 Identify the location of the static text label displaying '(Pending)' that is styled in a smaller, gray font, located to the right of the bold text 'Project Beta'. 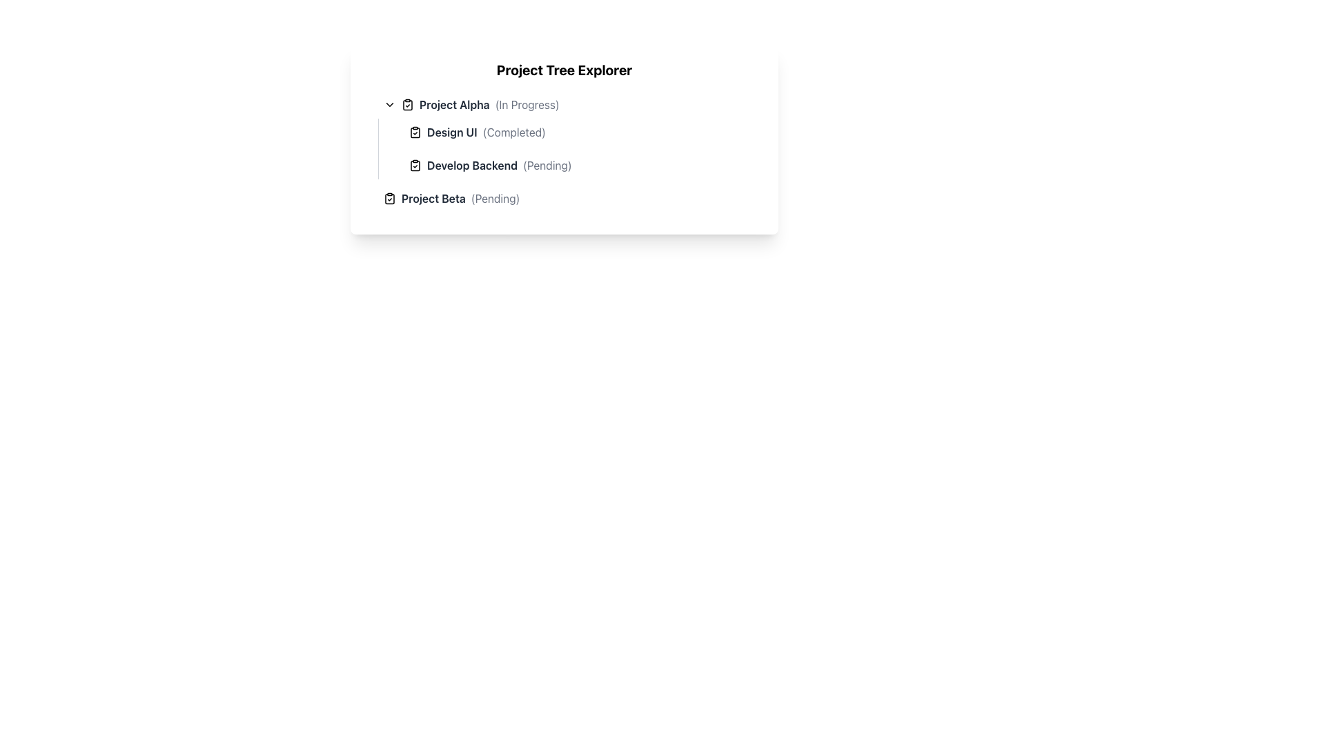
(495, 199).